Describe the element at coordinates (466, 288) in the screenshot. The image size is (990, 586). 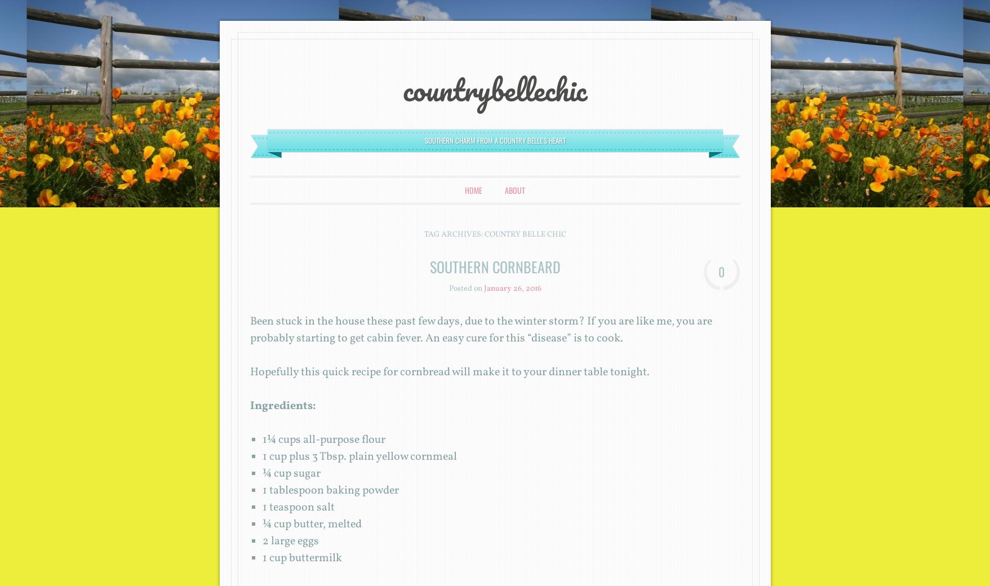
I see `'Posted on'` at that location.